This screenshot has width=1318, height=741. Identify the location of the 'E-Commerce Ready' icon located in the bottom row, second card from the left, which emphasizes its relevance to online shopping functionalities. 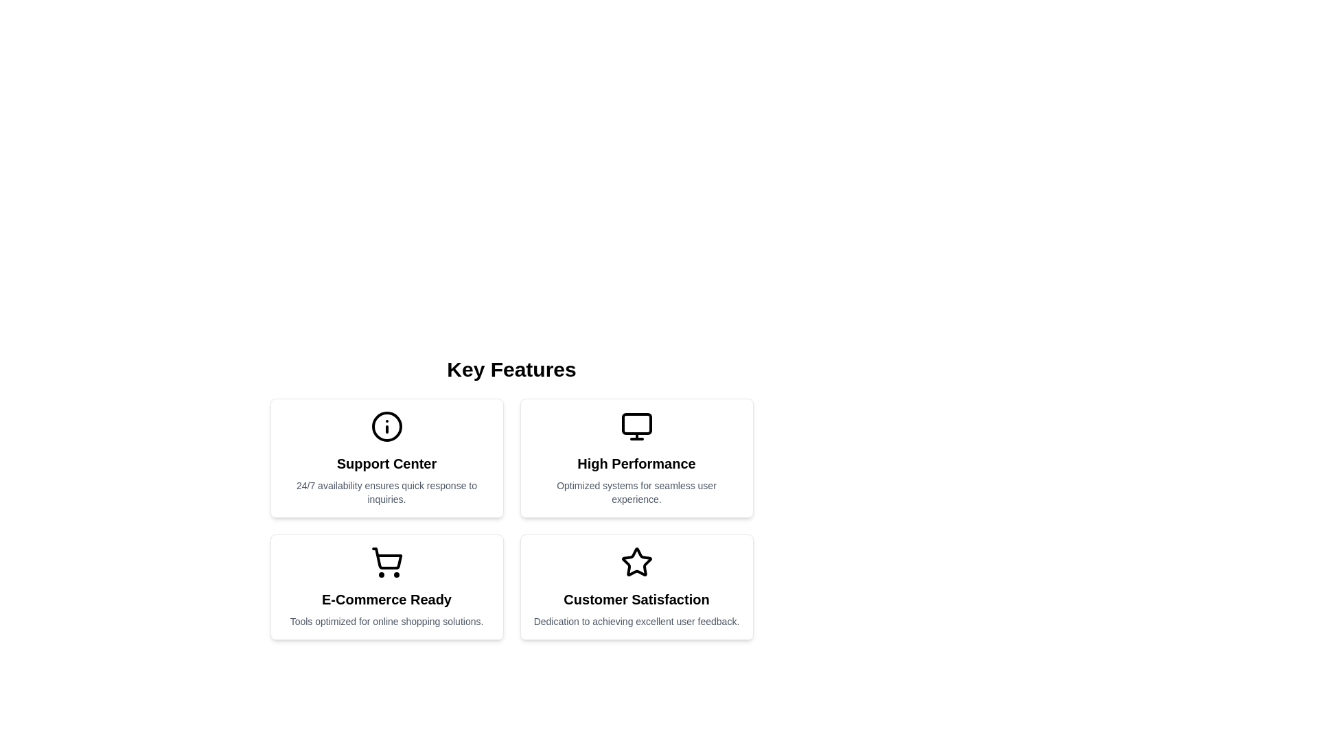
(386, 563).